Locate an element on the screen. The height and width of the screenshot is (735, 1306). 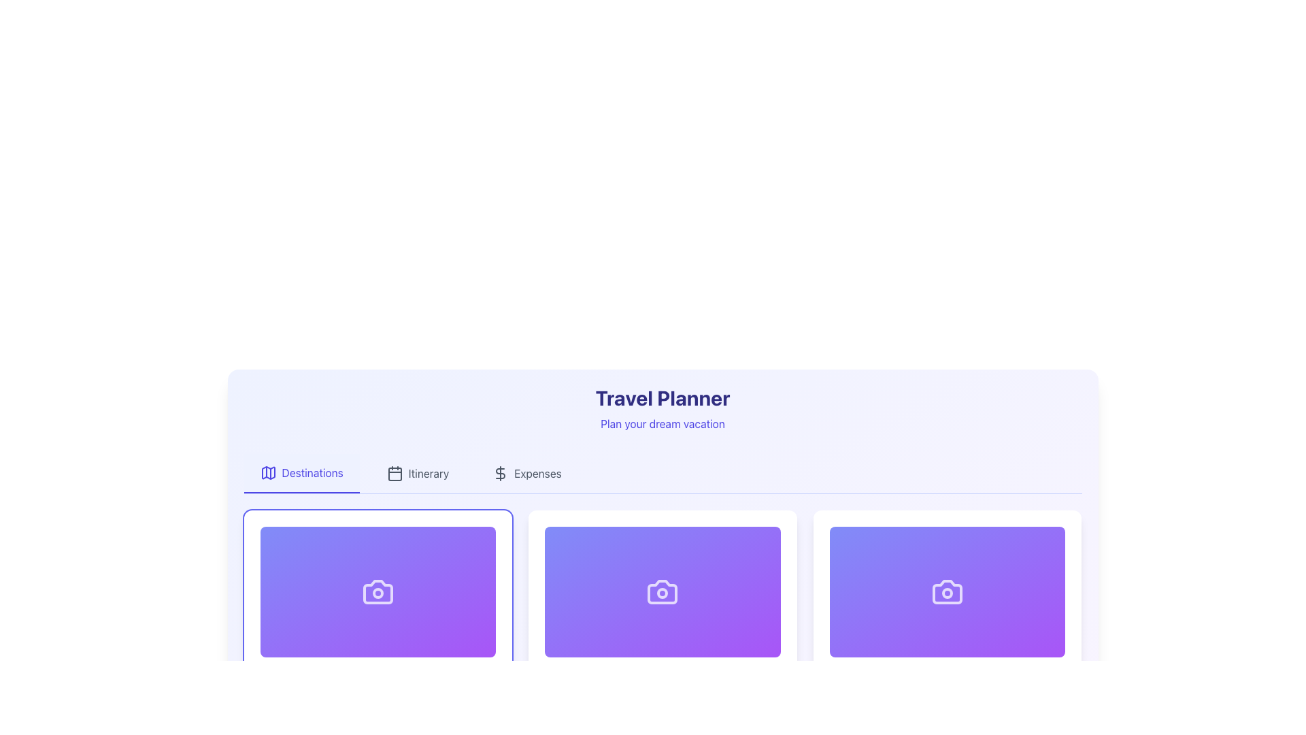
the gray 'Itinerary' button with a calendar icon is located at coordinates (417, 472).